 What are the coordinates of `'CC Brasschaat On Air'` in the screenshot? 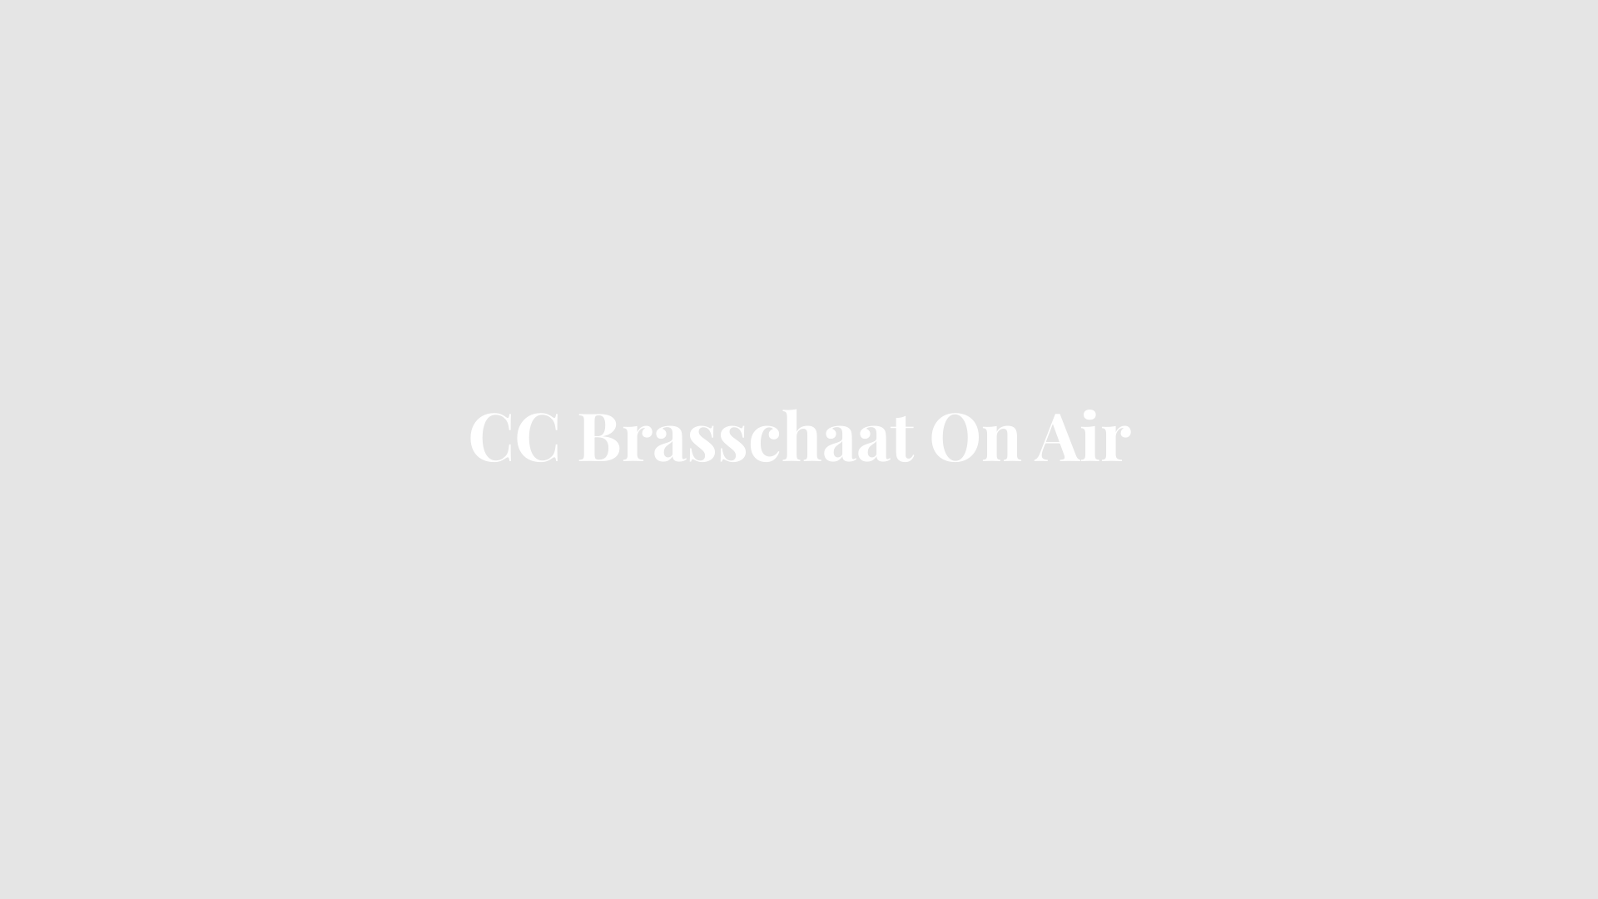 It's located at (799, 447).